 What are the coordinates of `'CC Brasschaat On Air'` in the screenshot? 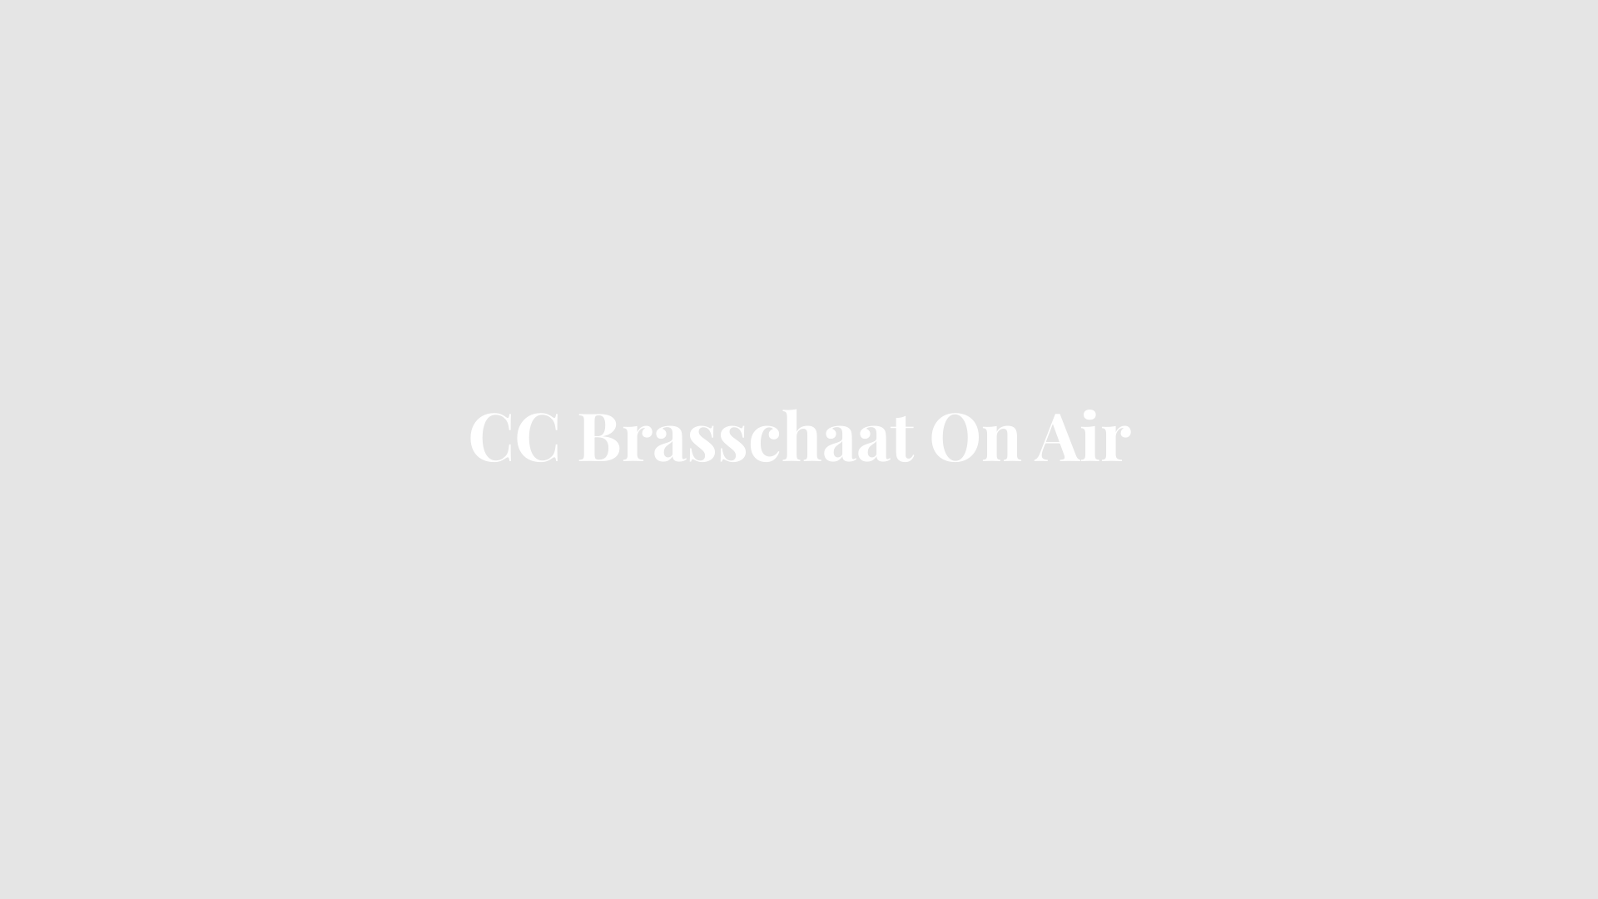 It's located at (799, 447).